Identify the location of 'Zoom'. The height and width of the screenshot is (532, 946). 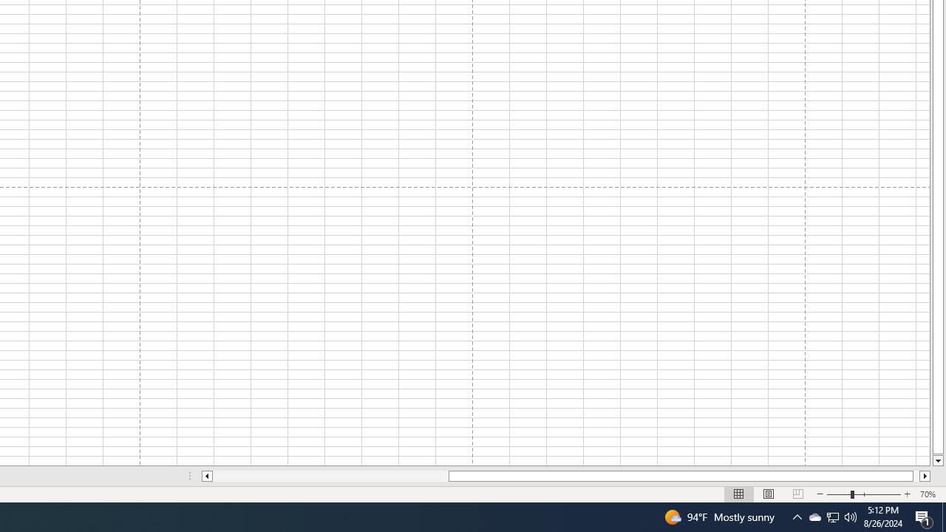
(863, 494).